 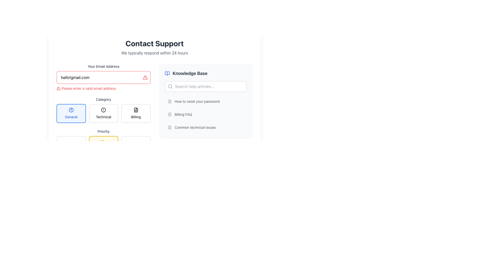 I want to click on the circular outlined icon located at the top-center of the 'Technical' box, which has a central vertical line and a dot inside, so click(x=103, y=109).